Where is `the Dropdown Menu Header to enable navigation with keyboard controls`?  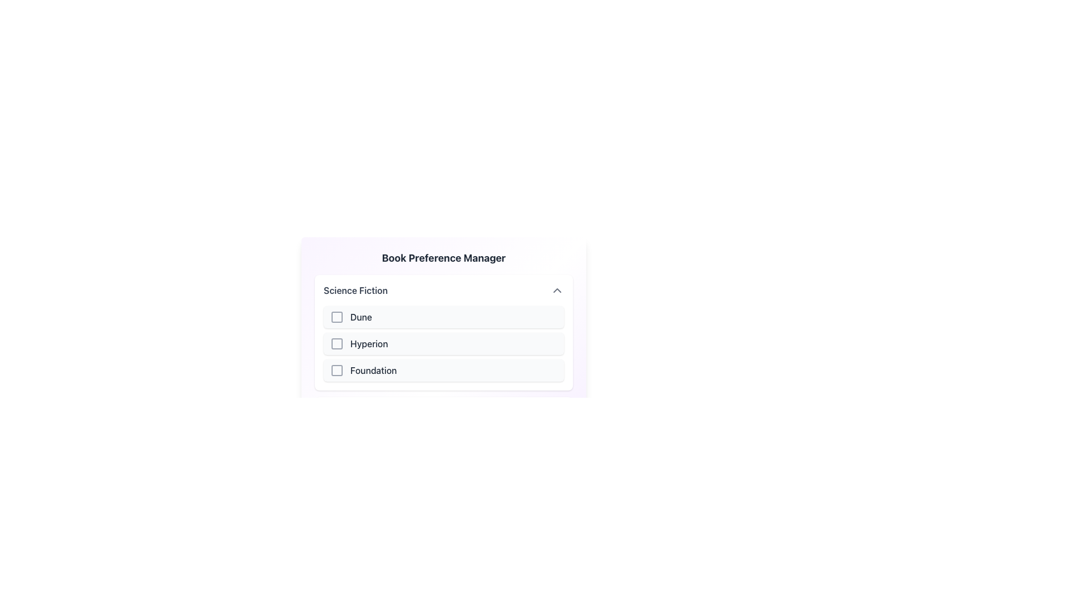
the Dropdown Menu Header to enable navigation with keyboard controls is located at coordinates (443, 290).